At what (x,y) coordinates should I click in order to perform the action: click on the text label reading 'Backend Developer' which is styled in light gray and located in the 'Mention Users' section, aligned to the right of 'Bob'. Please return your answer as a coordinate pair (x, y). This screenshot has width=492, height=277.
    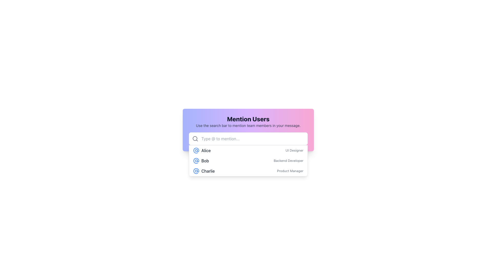
    Looking at the image, I should click on (289, 161).